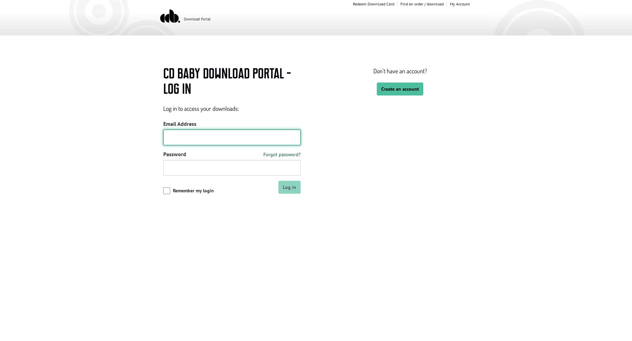 This screenshot has height=341, width=632. What do you see at coordinates (352, 4) in the screenshot?
I see `'Redeem Download Card'` at bounding box center [352, 4].